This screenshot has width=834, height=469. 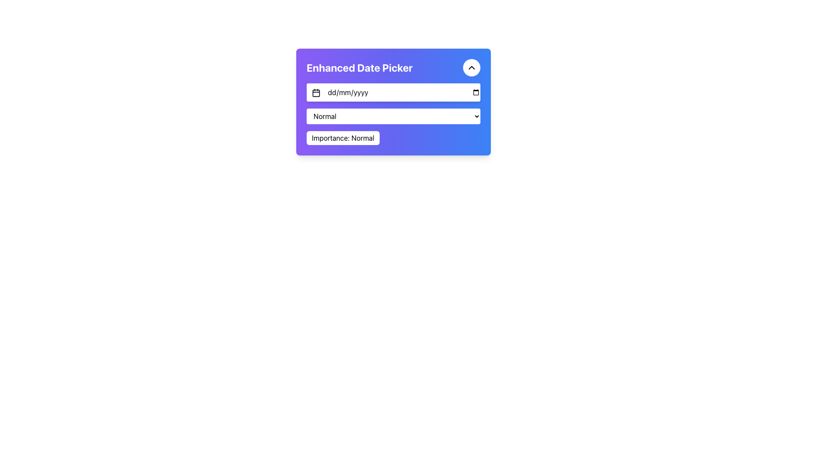 What do you see at coordinates (393, 102) in the screenshot?
I see `and drag the composite UI component consisting of a date selection input field and importance dropdown to reposition it` at bounding box center [393, 102].